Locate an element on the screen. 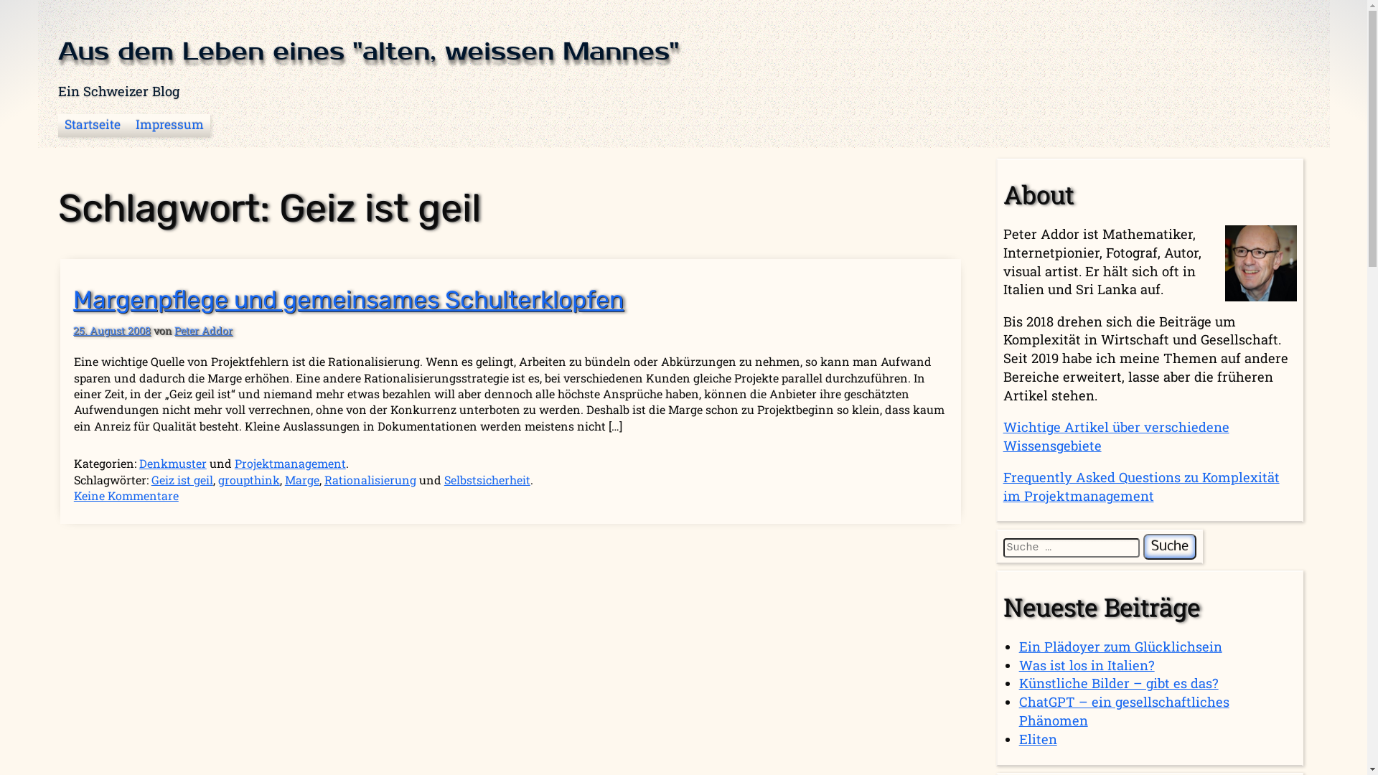 The height and width of the screenshot is (775, 1378). '25. August 2008' is located at coordinates (111, 330).